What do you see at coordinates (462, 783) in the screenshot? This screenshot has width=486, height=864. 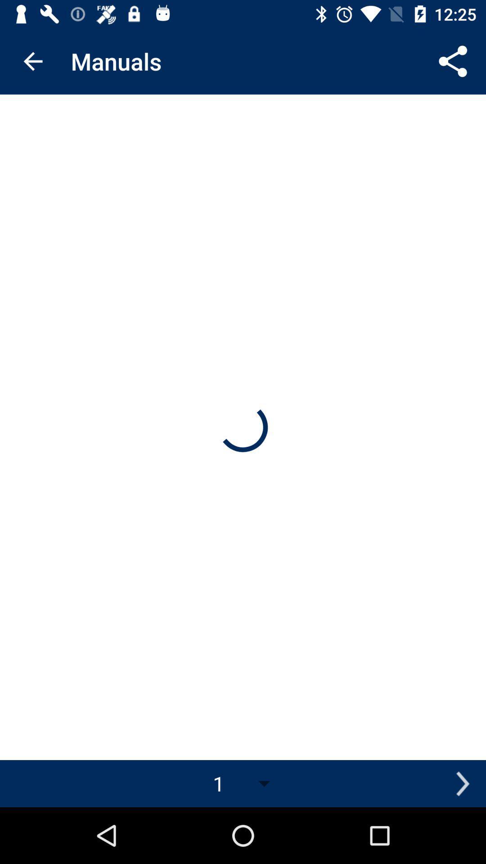 I see `skip ahead` at bounding box center [462, 783].